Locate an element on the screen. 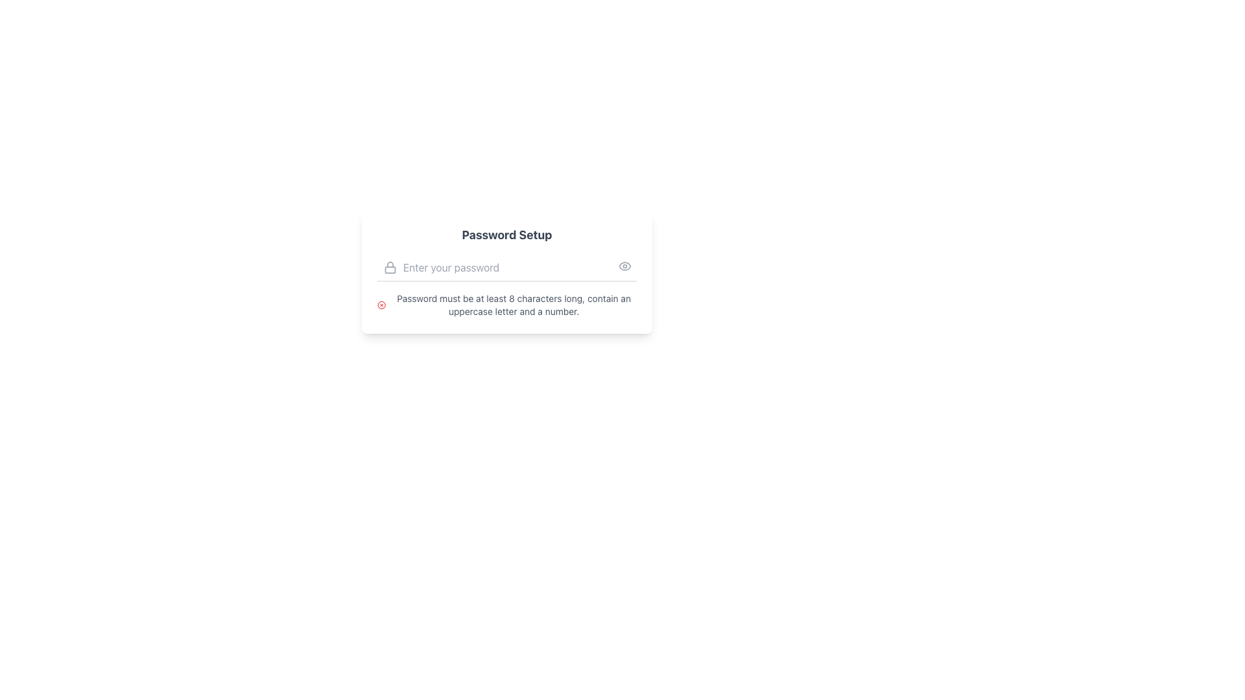 Image resolution: width=1245 pixels, height=700 pixels. text description located below the password input field, which informs the user about valid password requirements. This text is aligned to the left of the centered input group and is positioned to the right of a red circular icon with an 'x' symbol is located at coordinates (513, 305).